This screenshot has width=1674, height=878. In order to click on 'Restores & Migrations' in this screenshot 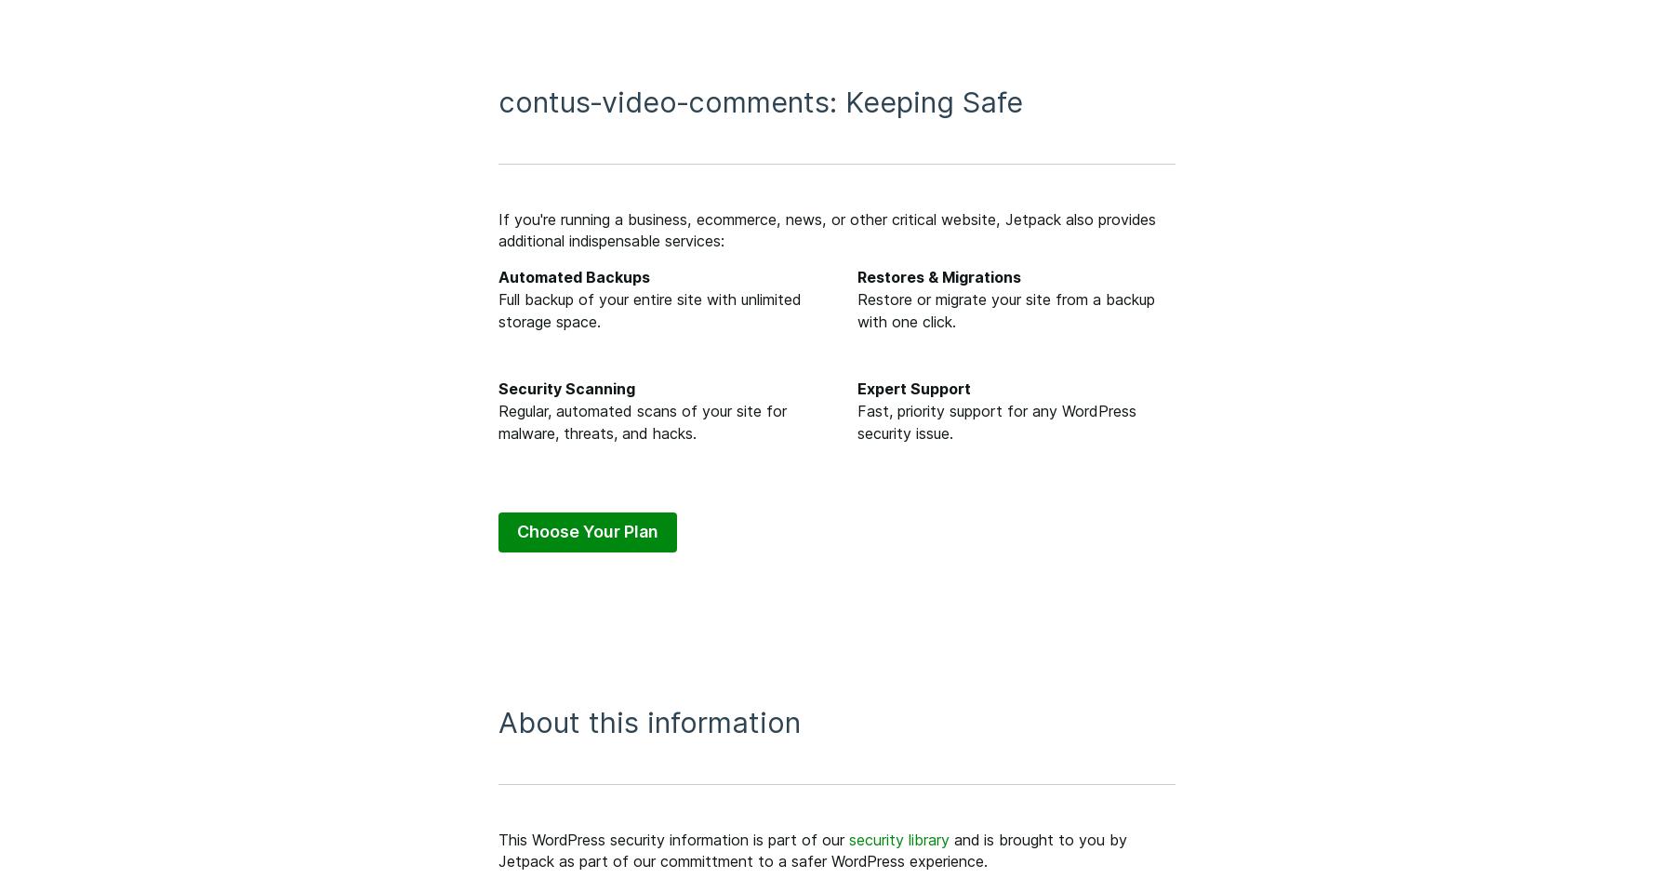, I will do `click(937, 276)`.